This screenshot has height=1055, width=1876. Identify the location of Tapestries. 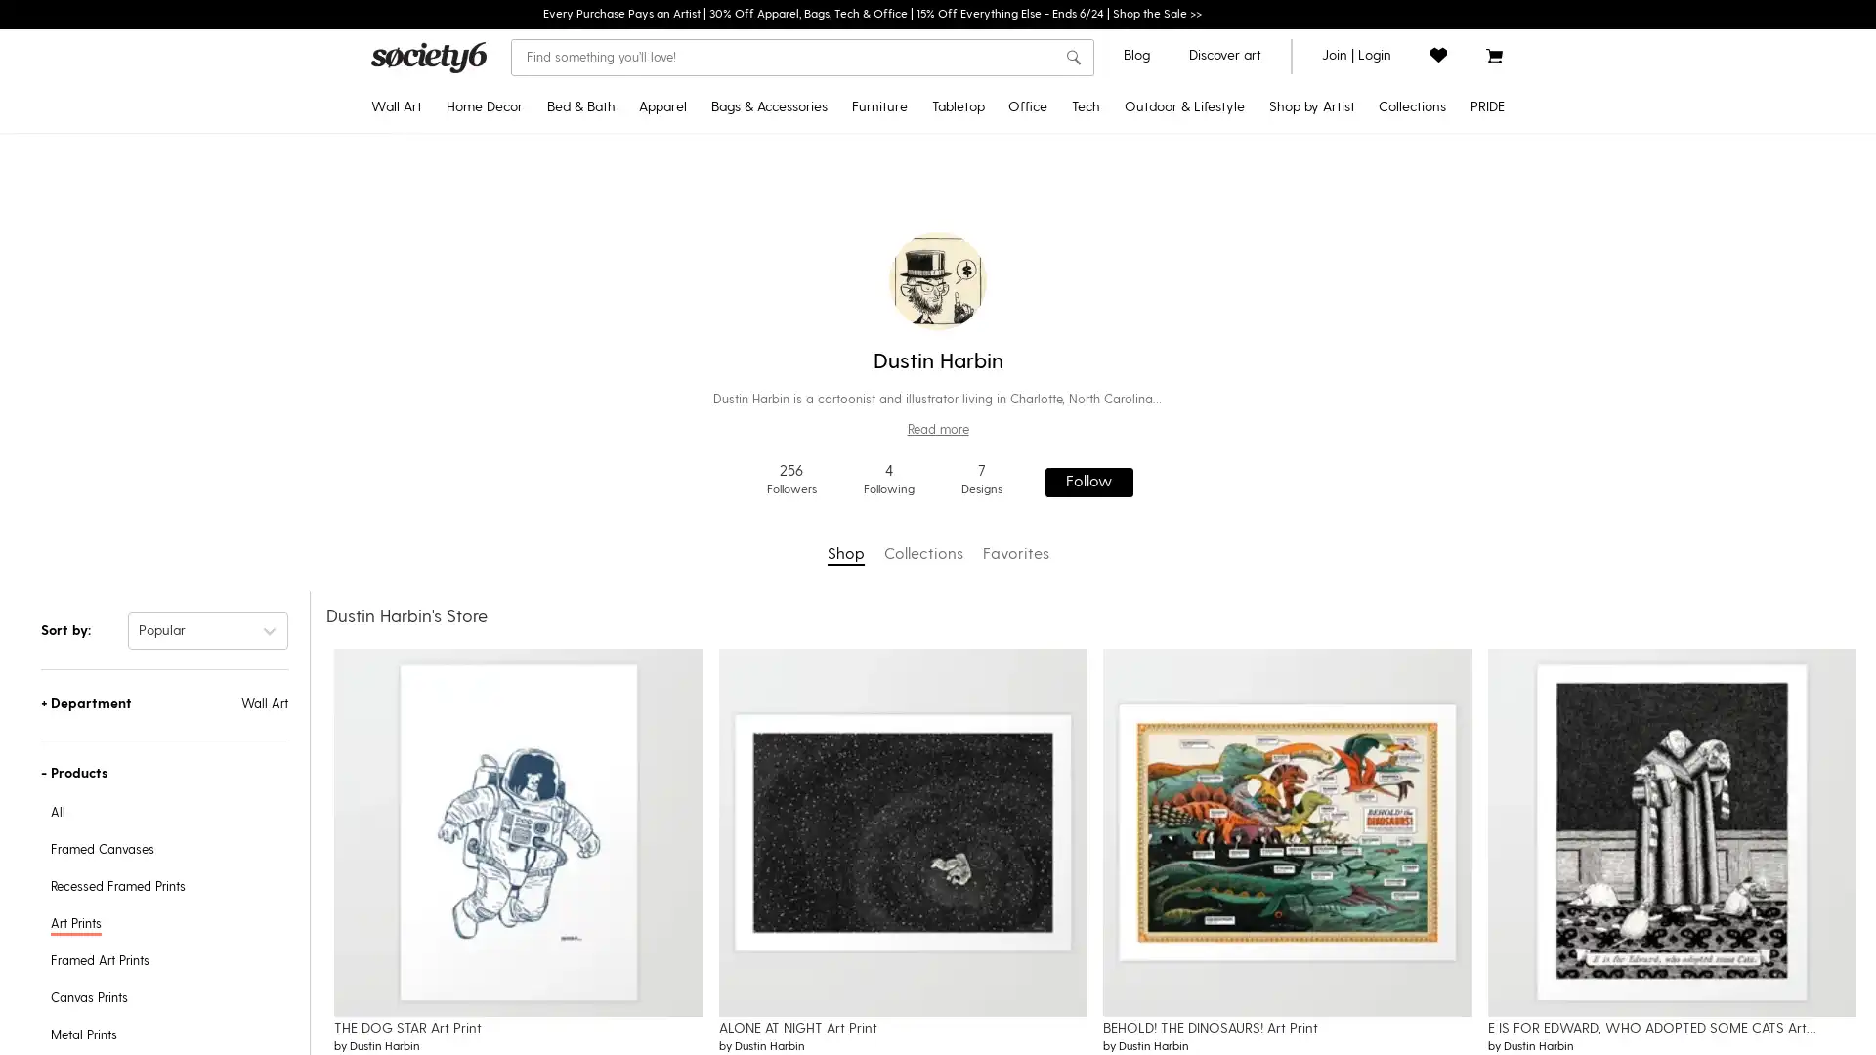
(459, 313).